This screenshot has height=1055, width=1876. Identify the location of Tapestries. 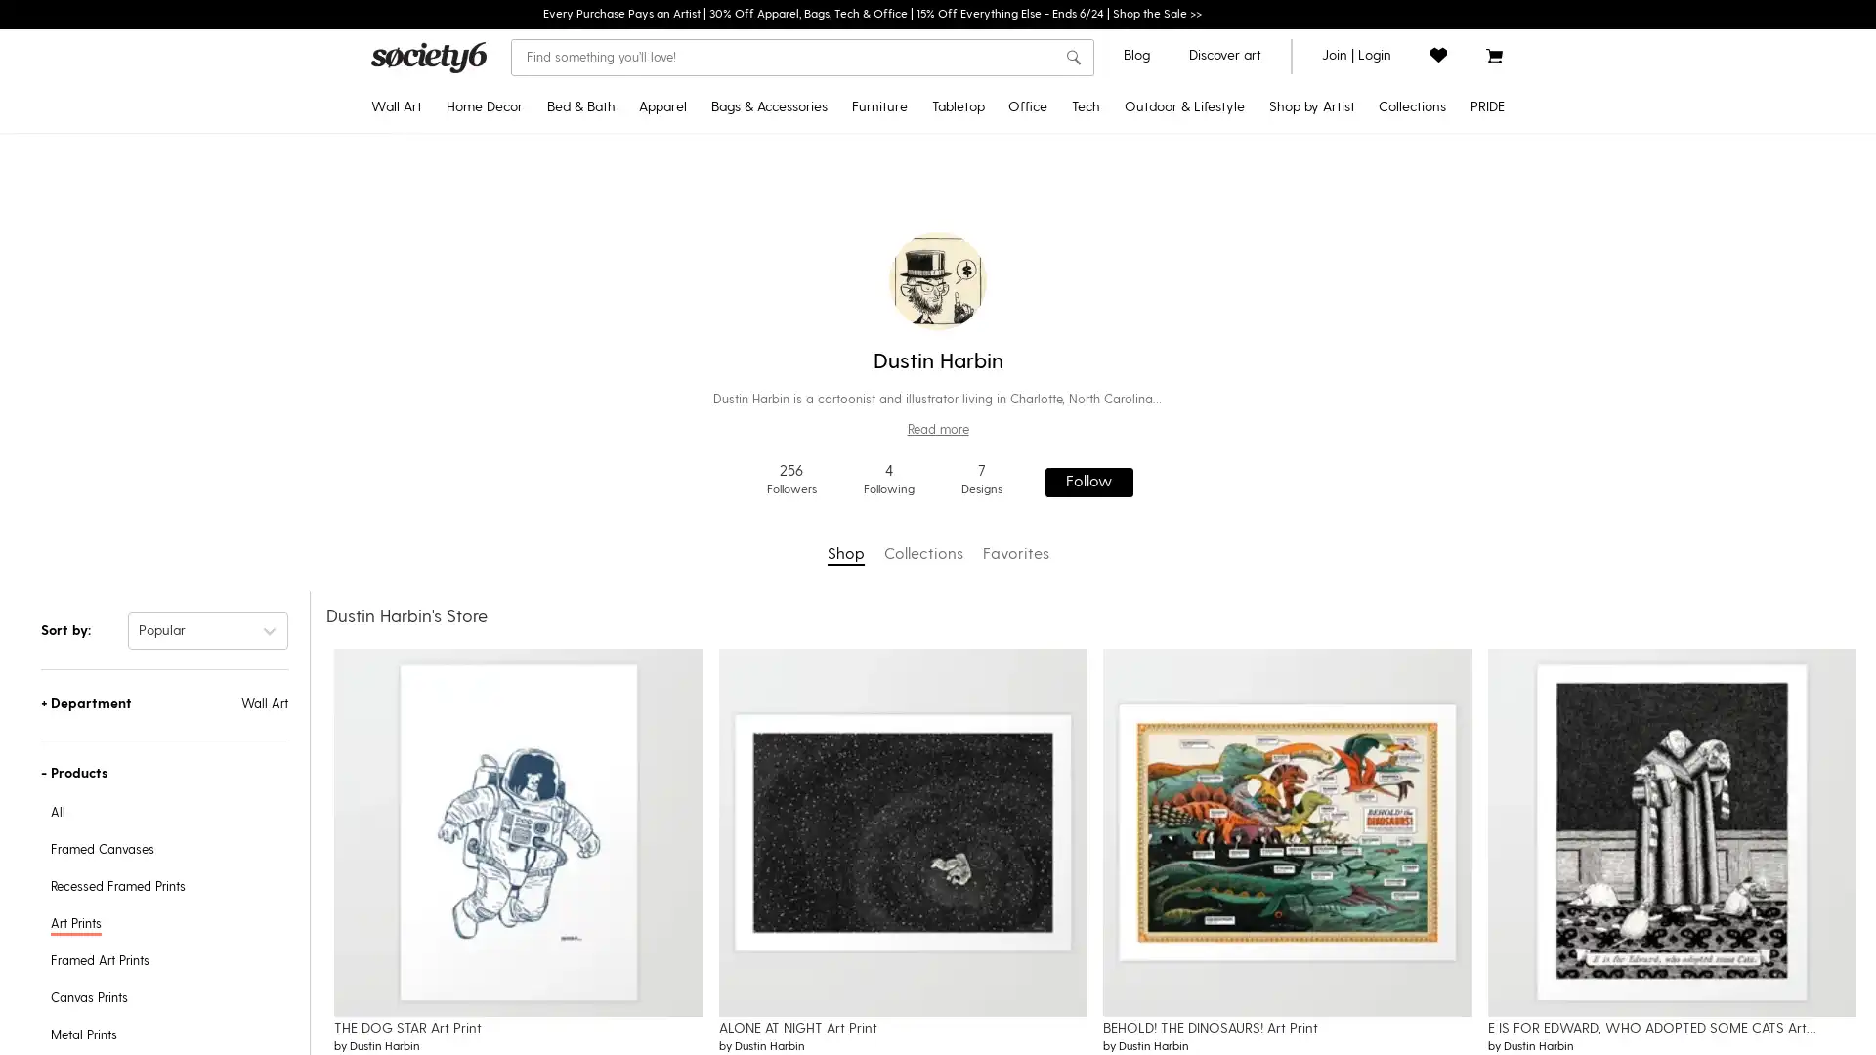
(459, 313).